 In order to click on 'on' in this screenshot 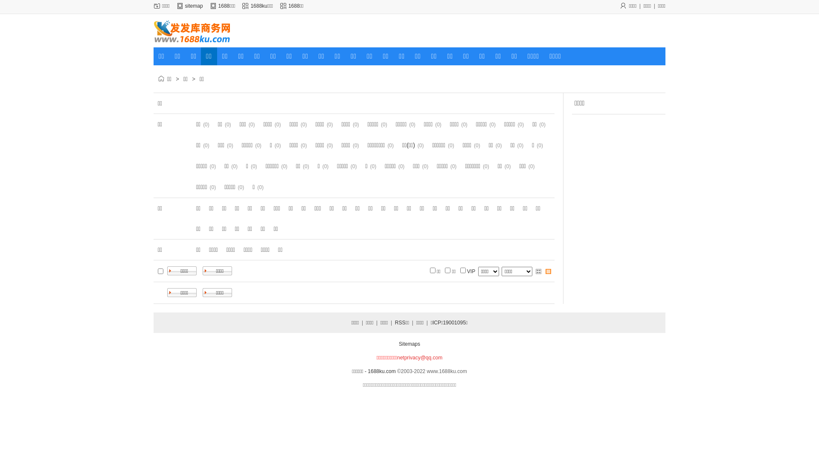, I will do `click(447, 270)`.